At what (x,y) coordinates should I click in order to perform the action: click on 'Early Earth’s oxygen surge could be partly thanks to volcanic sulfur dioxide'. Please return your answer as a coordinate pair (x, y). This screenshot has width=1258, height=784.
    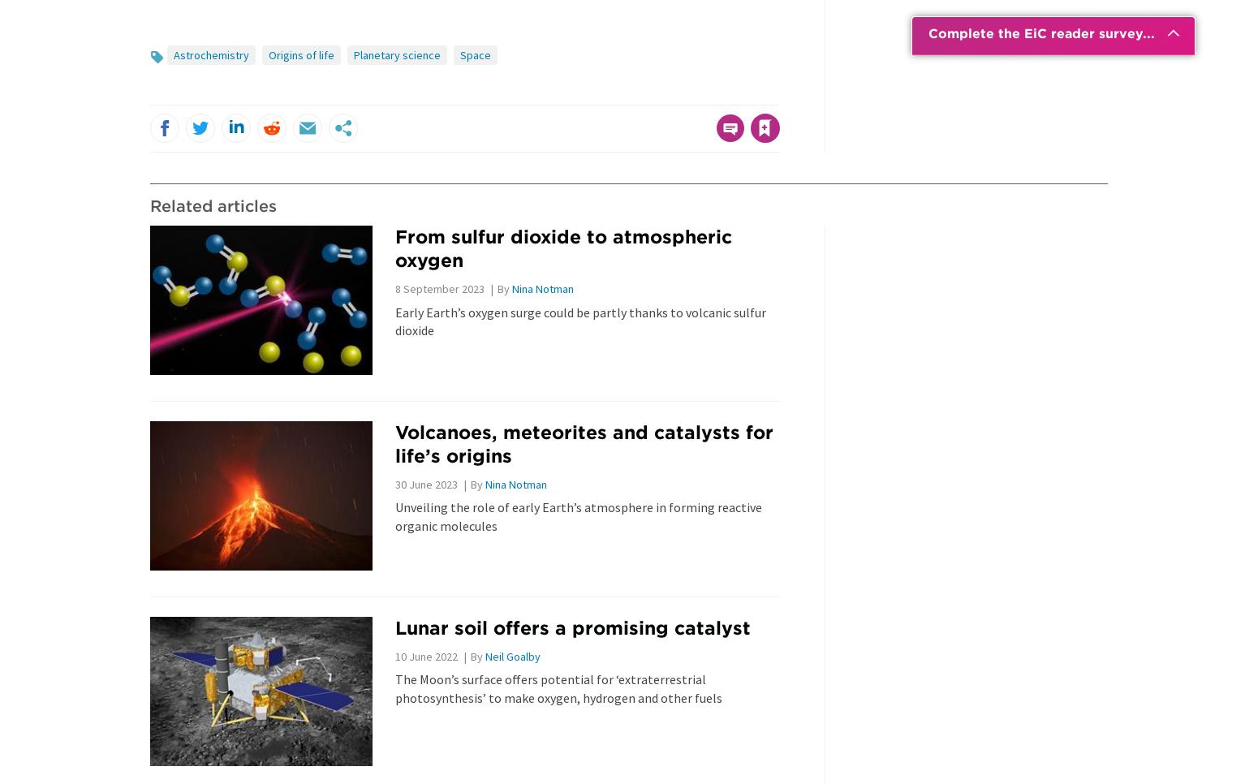
    Looking at the image, I should click on (579, 321).